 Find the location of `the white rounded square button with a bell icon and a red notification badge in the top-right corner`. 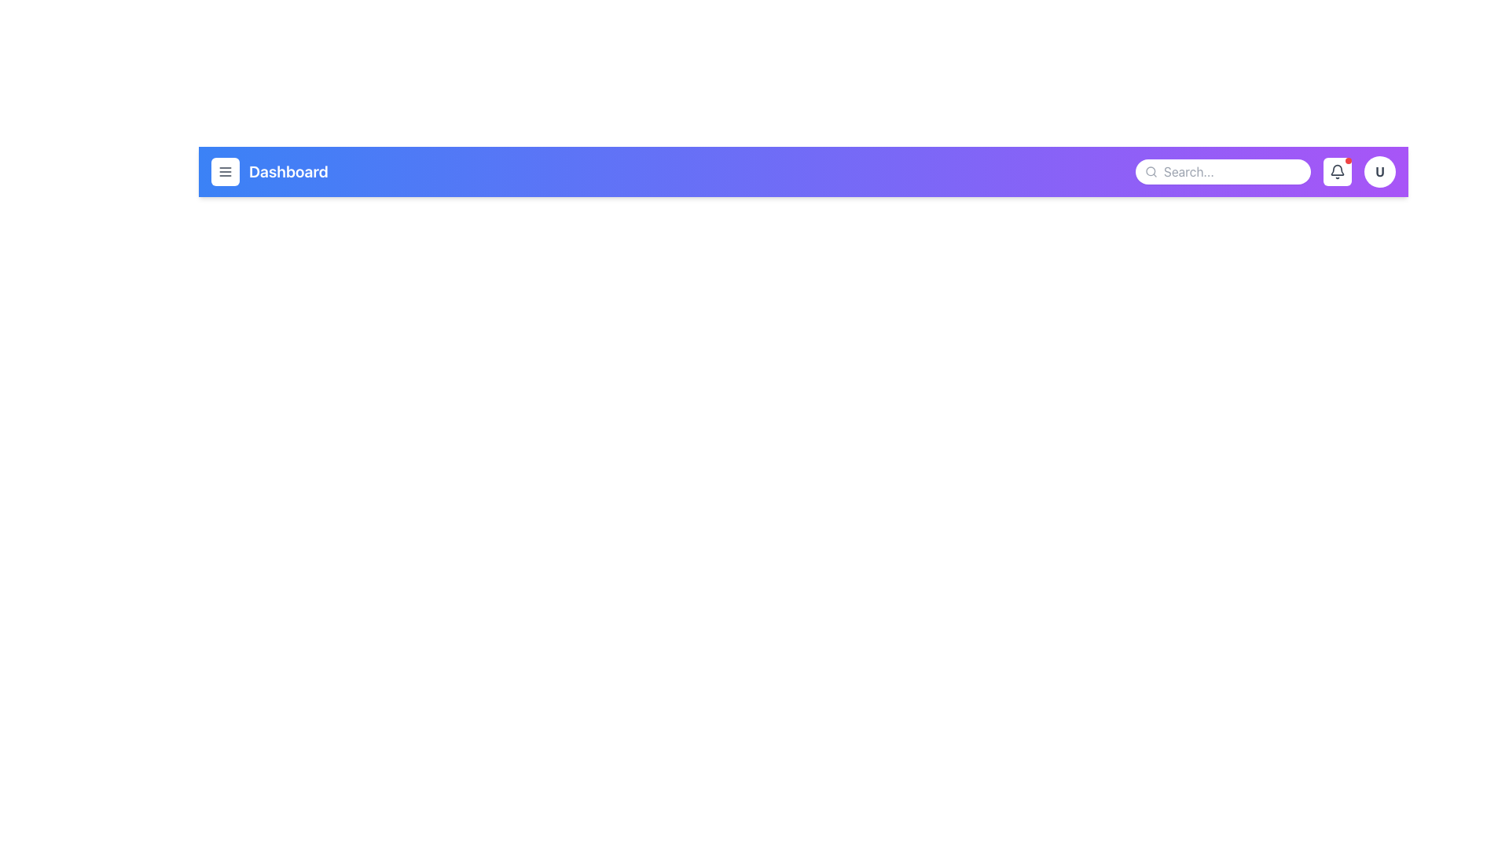

the white rounded square button with a bell icon and a red notification badge in the top-right corner is located at coordinates (1337, 172).